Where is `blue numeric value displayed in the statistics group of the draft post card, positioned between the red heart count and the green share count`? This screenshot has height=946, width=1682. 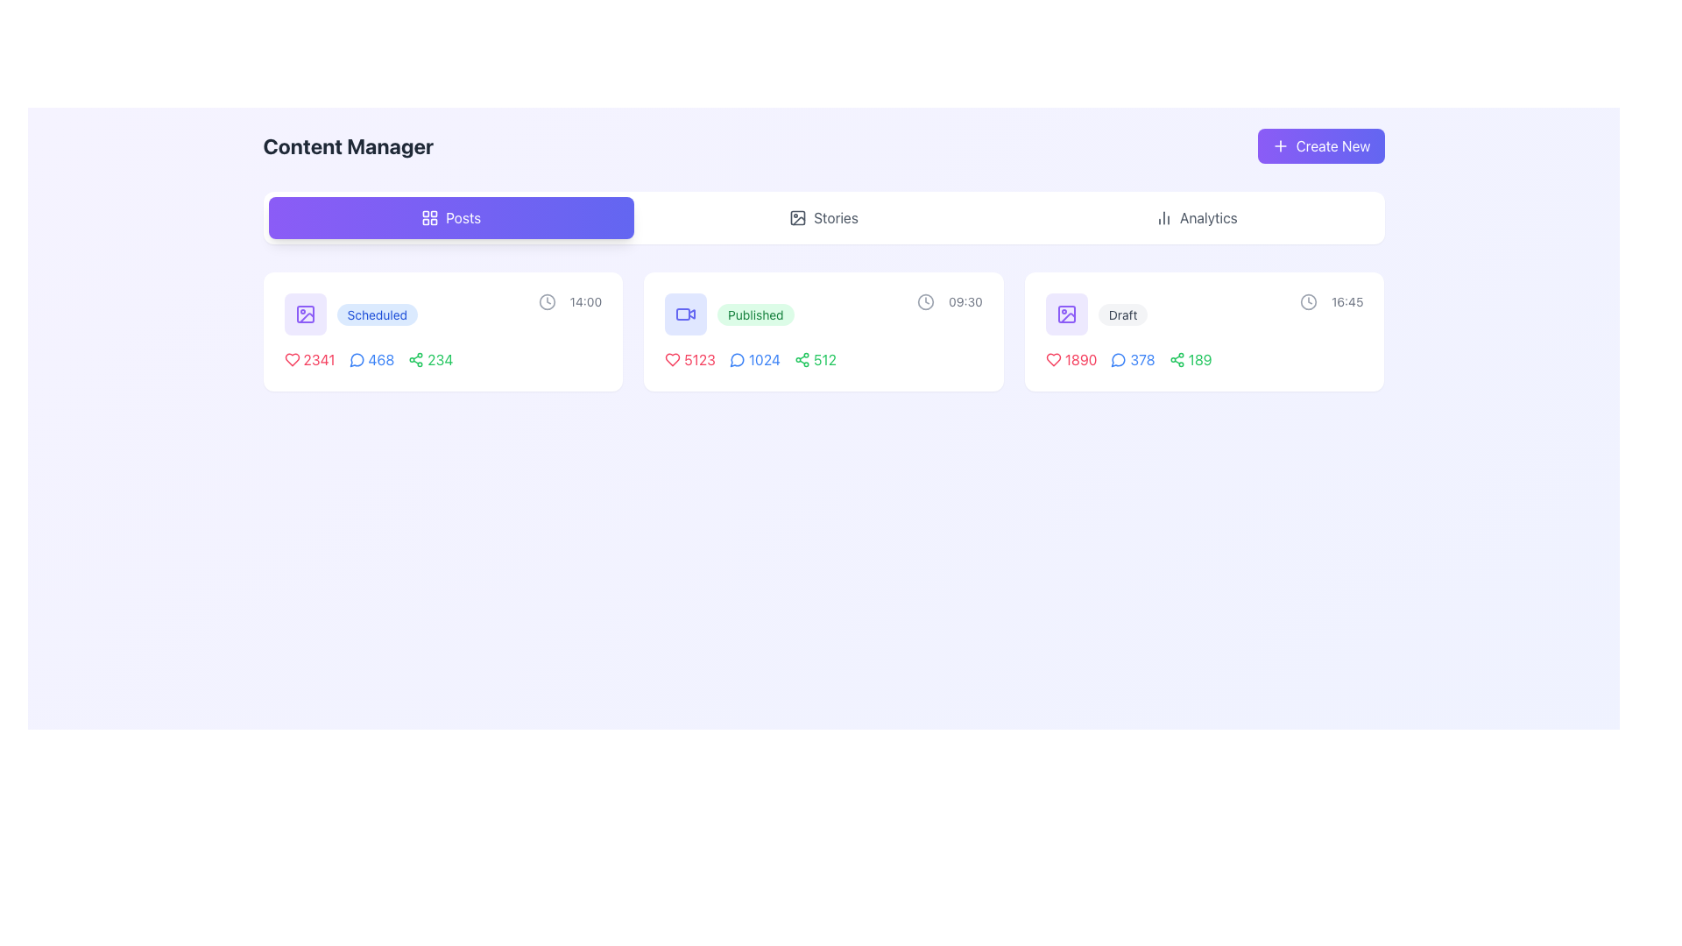 blue numeric value displayed in the statistics group of the draft post card, positioned between the red heart count and the green share count is located at coordinates (1128, 359).